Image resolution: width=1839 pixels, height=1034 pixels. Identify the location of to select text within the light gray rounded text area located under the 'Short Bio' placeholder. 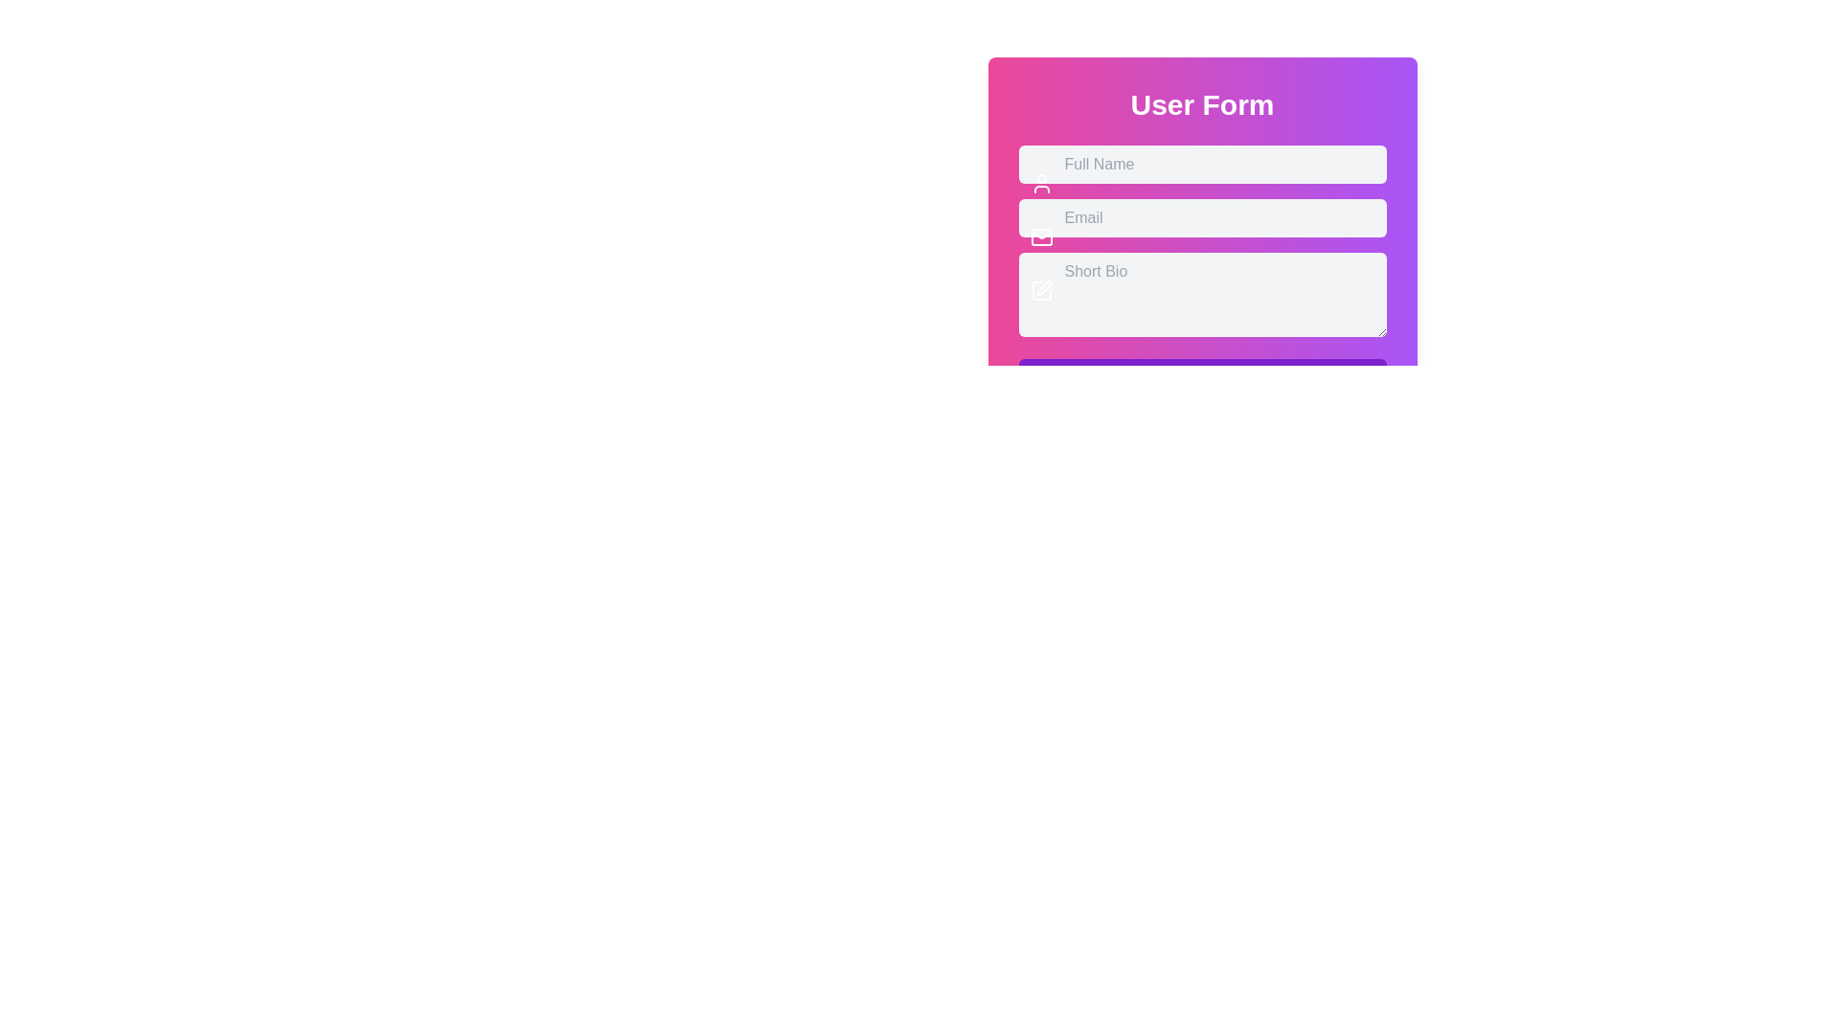
(1201, 275).